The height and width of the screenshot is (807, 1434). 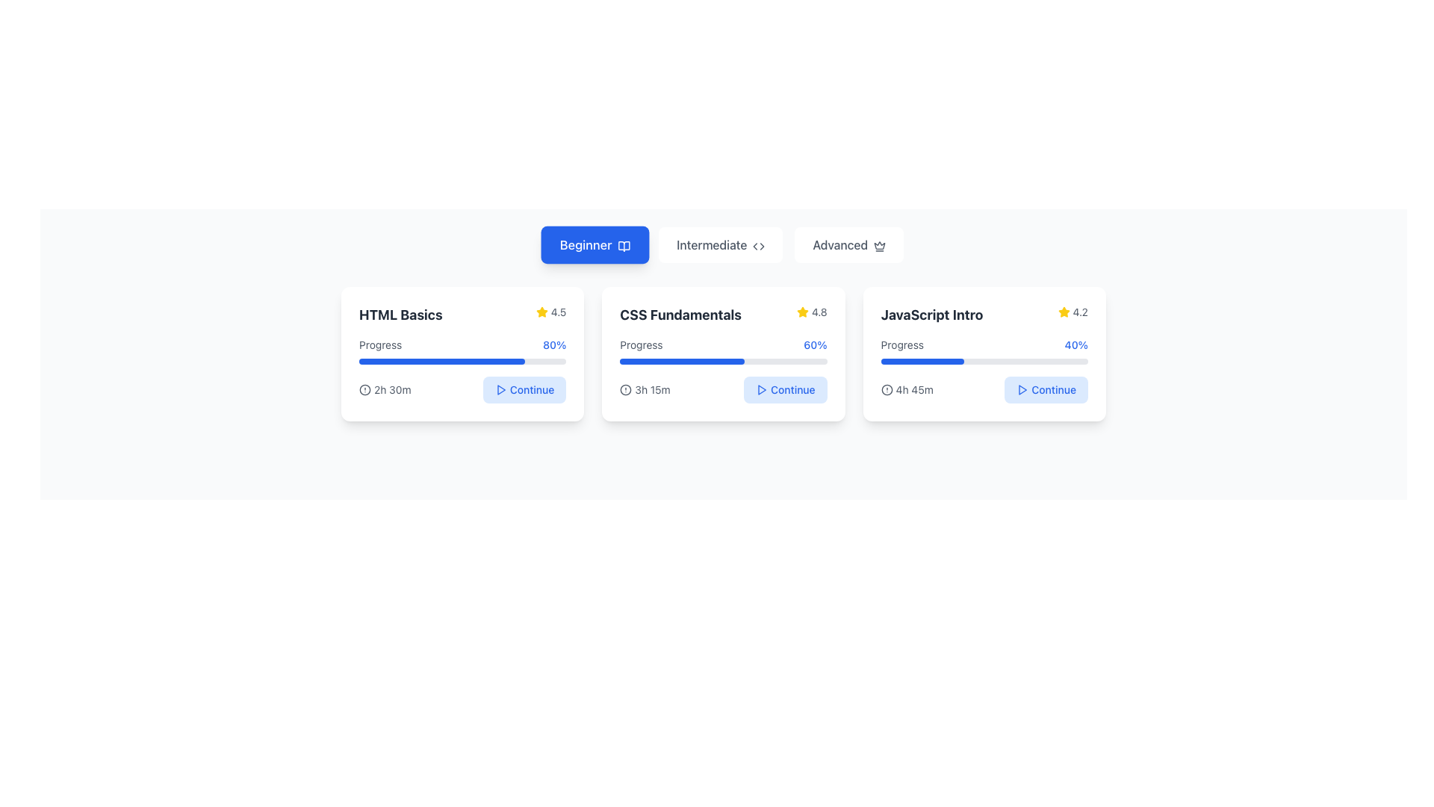 What do you see at coordinates (392, 389) in the screenshot?
I see `text from the 'Estimated Time' label for the 'HTML Basics' course, which is located on the far left of a row of course cards, directly to the right of the icon` at bounding box center [392, 389].